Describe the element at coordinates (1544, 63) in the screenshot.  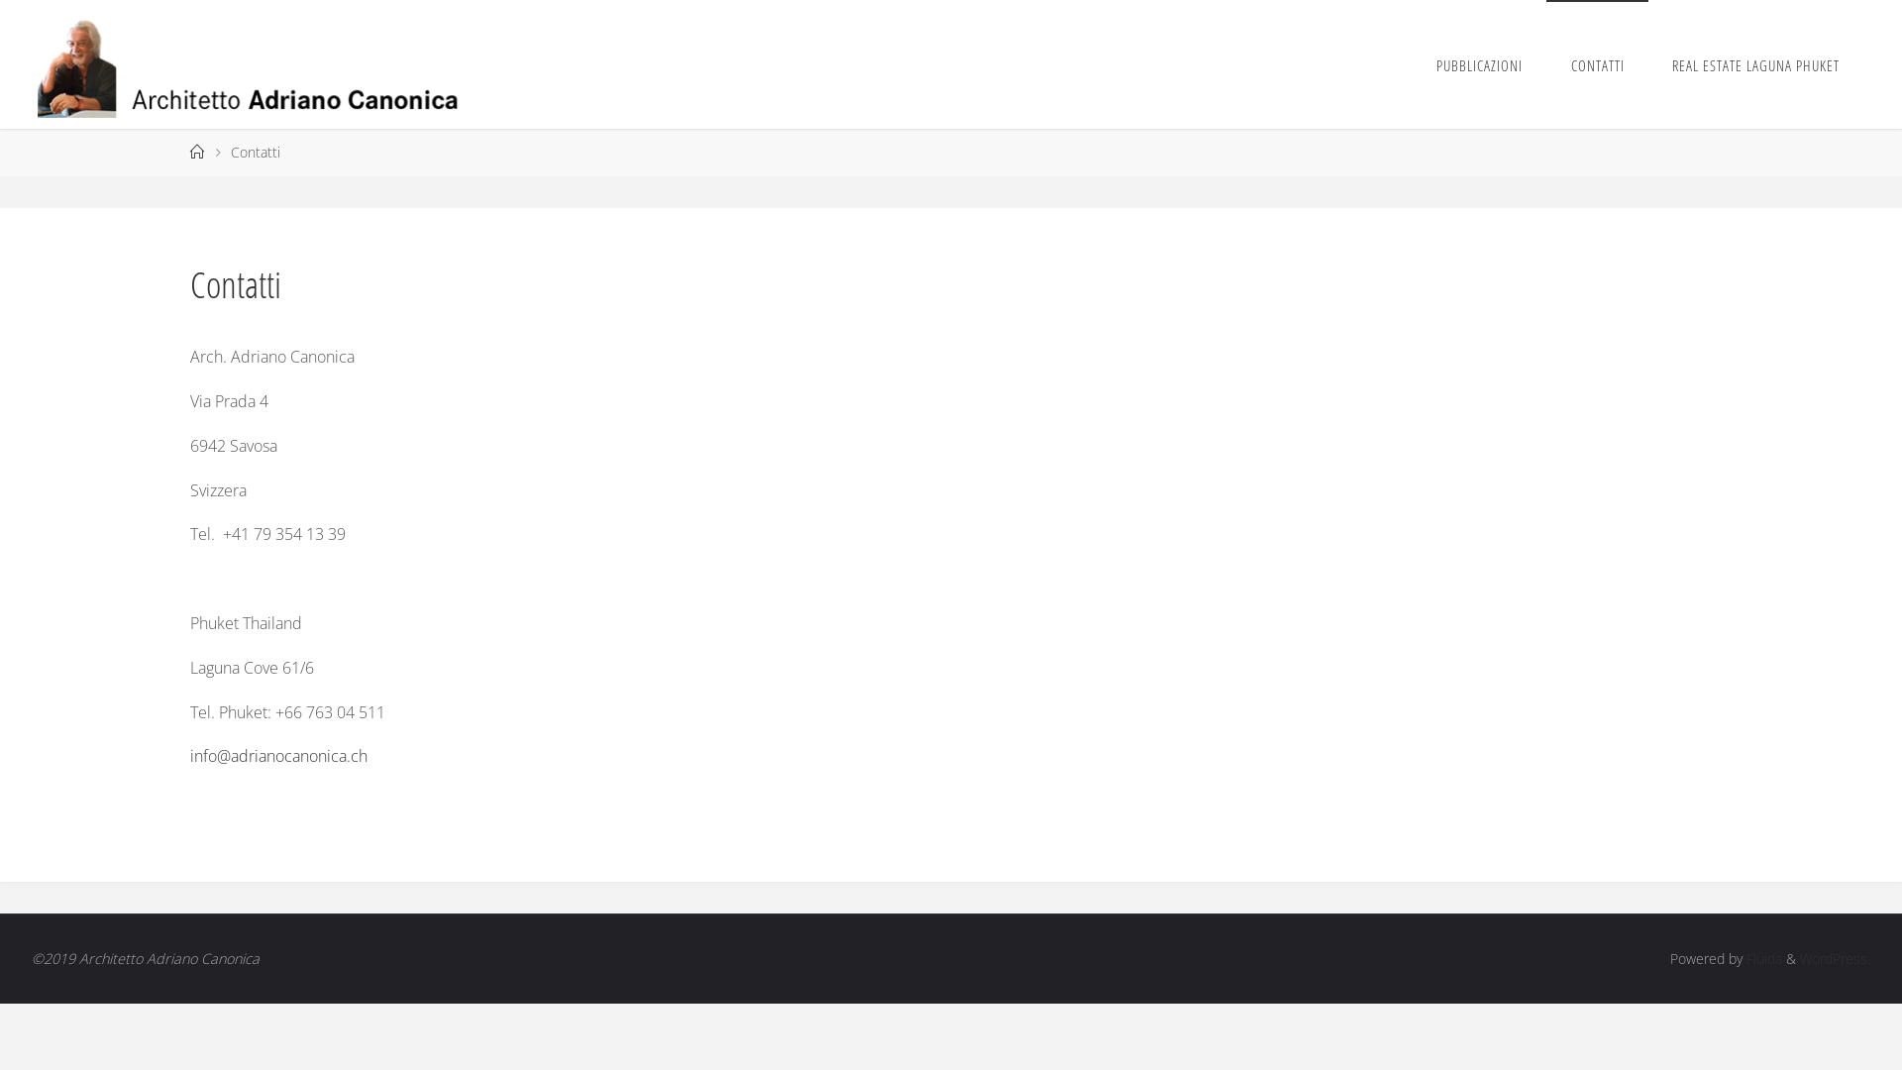
I see `'CONTATTI'` at that location.